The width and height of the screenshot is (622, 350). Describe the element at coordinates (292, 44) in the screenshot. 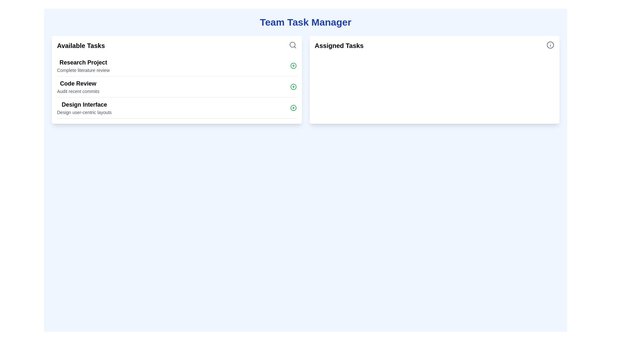

I see `the circular SVG element that is part of the 'search' icon, located in the top-right corner of the 'Available Tasks' card` at that location.